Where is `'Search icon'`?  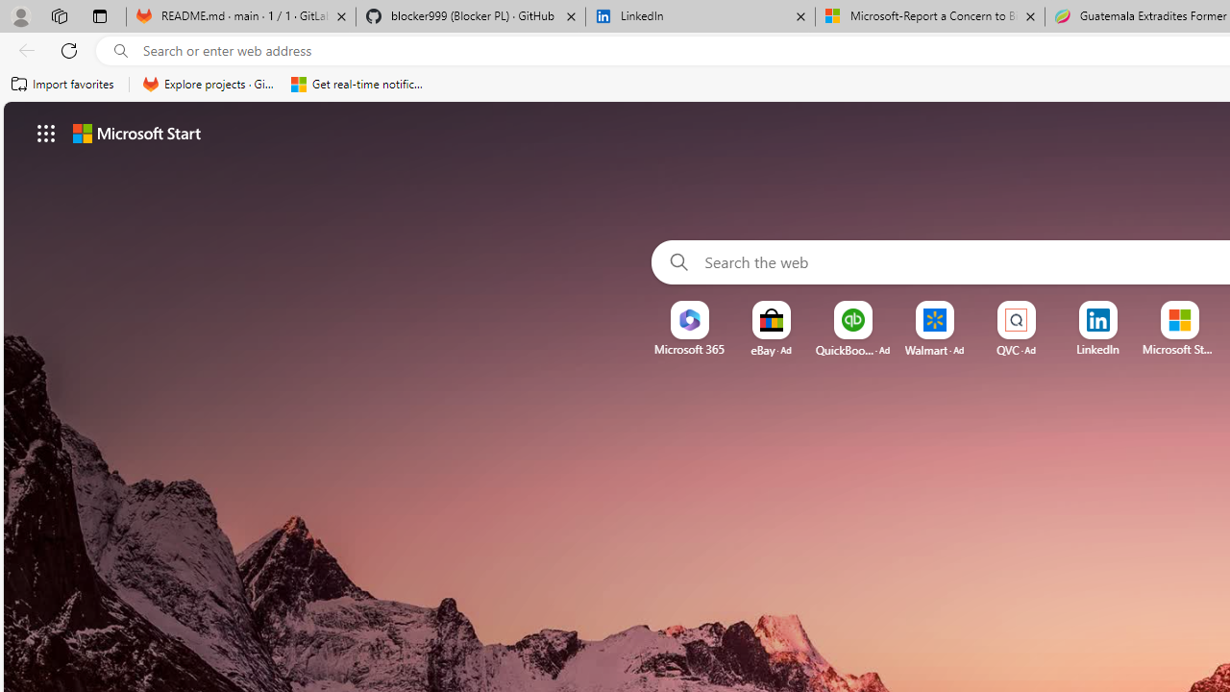 'Search icon' is located at coordinates (120, 50).